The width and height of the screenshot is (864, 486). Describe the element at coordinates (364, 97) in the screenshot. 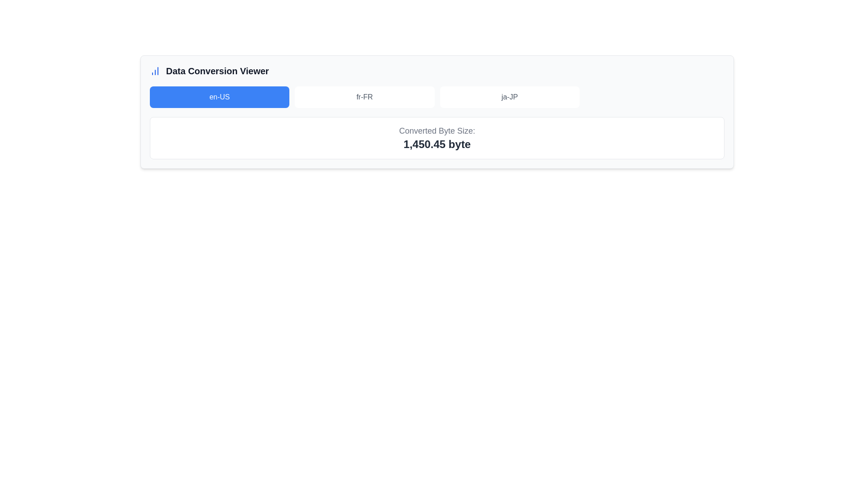

I see `the language selection button that allows users to set the interface language to French (France), which is the second button in a row labeled 'en-US', 'fr-FR', and 'ja-JP'` at that location.